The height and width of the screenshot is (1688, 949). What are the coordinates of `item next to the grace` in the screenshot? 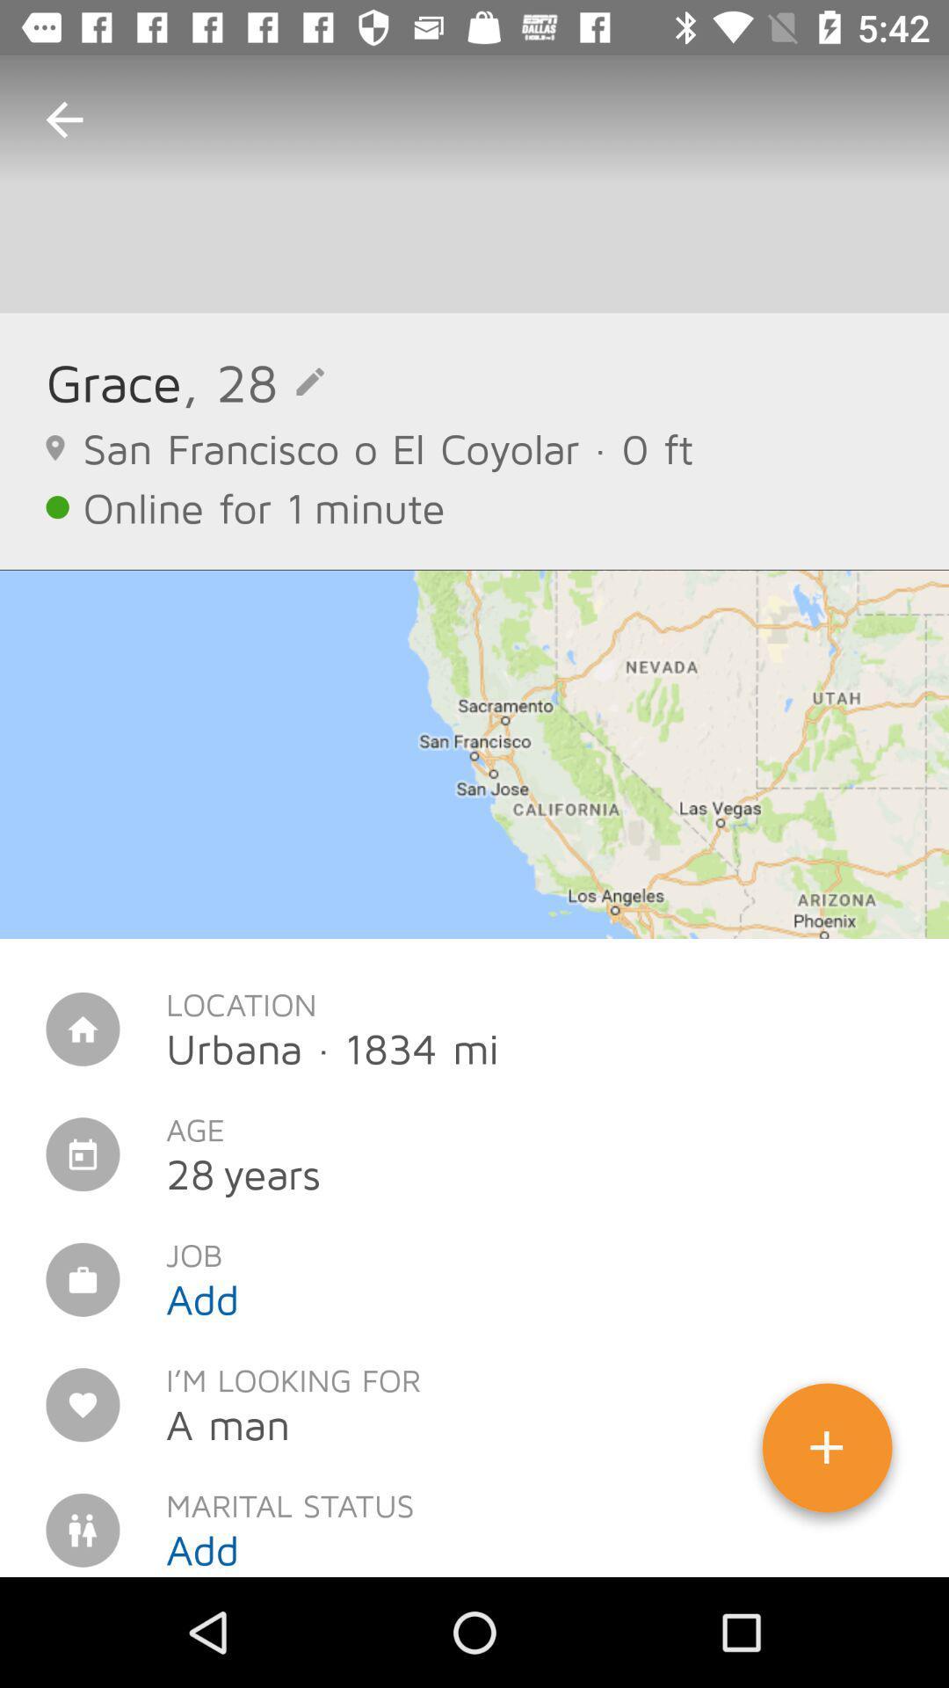 It's located at (253, 381).